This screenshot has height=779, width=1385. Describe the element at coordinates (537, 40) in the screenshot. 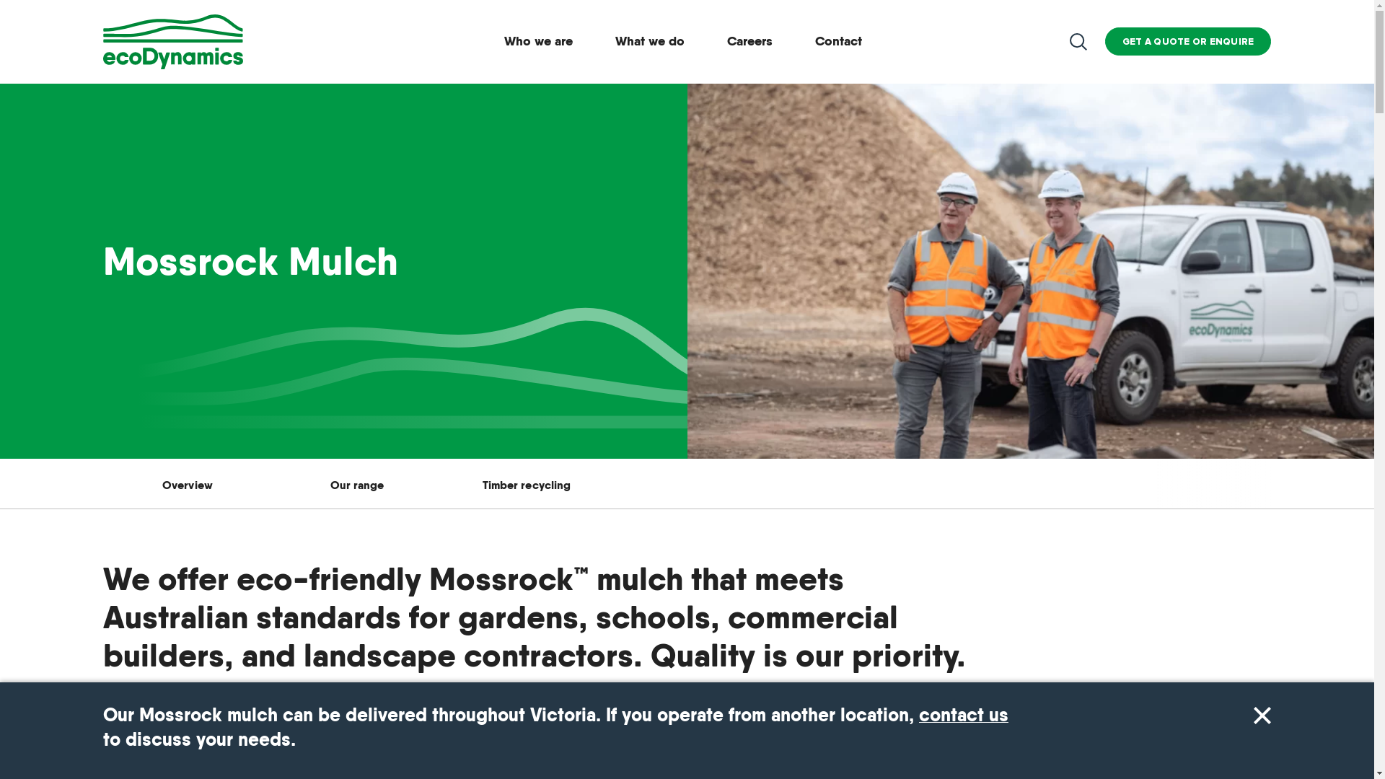

I see `'Who we are'` at that location.